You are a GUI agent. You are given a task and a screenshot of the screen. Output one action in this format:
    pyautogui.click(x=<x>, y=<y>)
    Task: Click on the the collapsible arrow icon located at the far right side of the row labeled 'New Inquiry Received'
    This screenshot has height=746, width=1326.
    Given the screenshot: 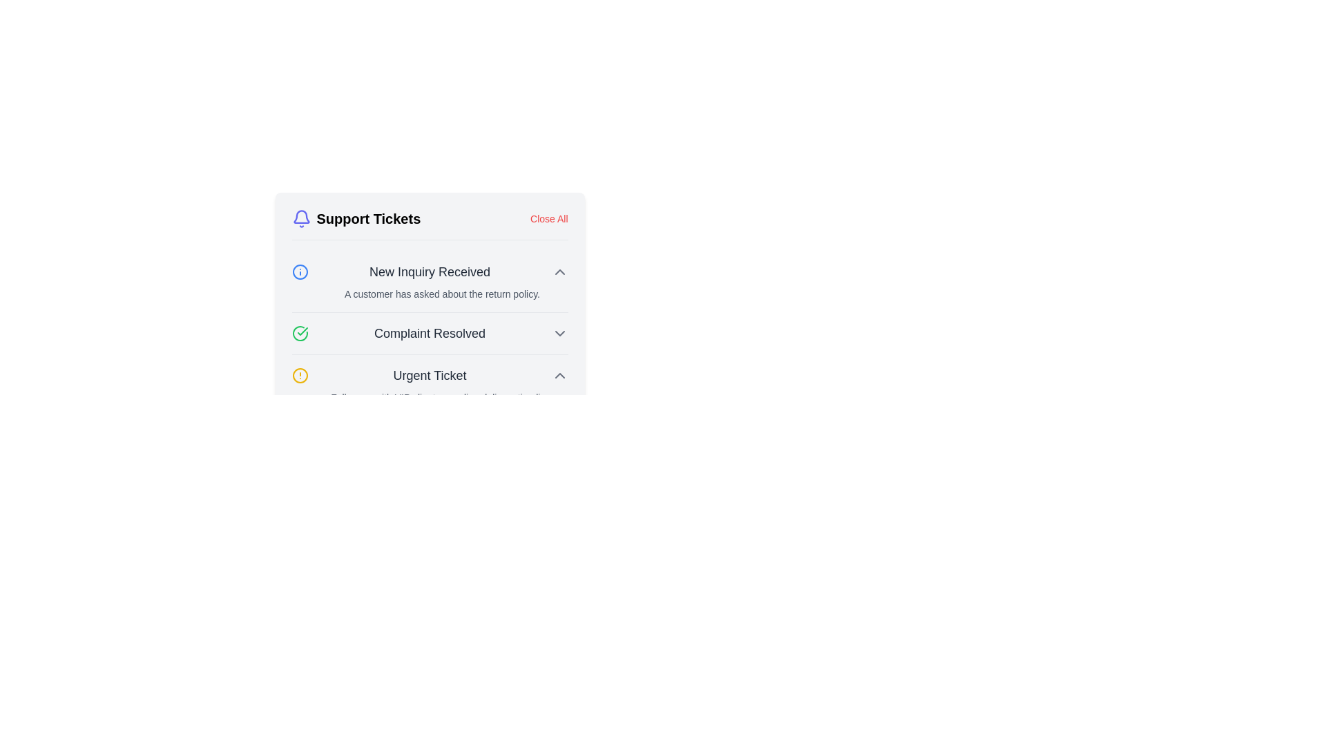 What is the action you would take?
    pyautogui.click(x=559, y=271)
    